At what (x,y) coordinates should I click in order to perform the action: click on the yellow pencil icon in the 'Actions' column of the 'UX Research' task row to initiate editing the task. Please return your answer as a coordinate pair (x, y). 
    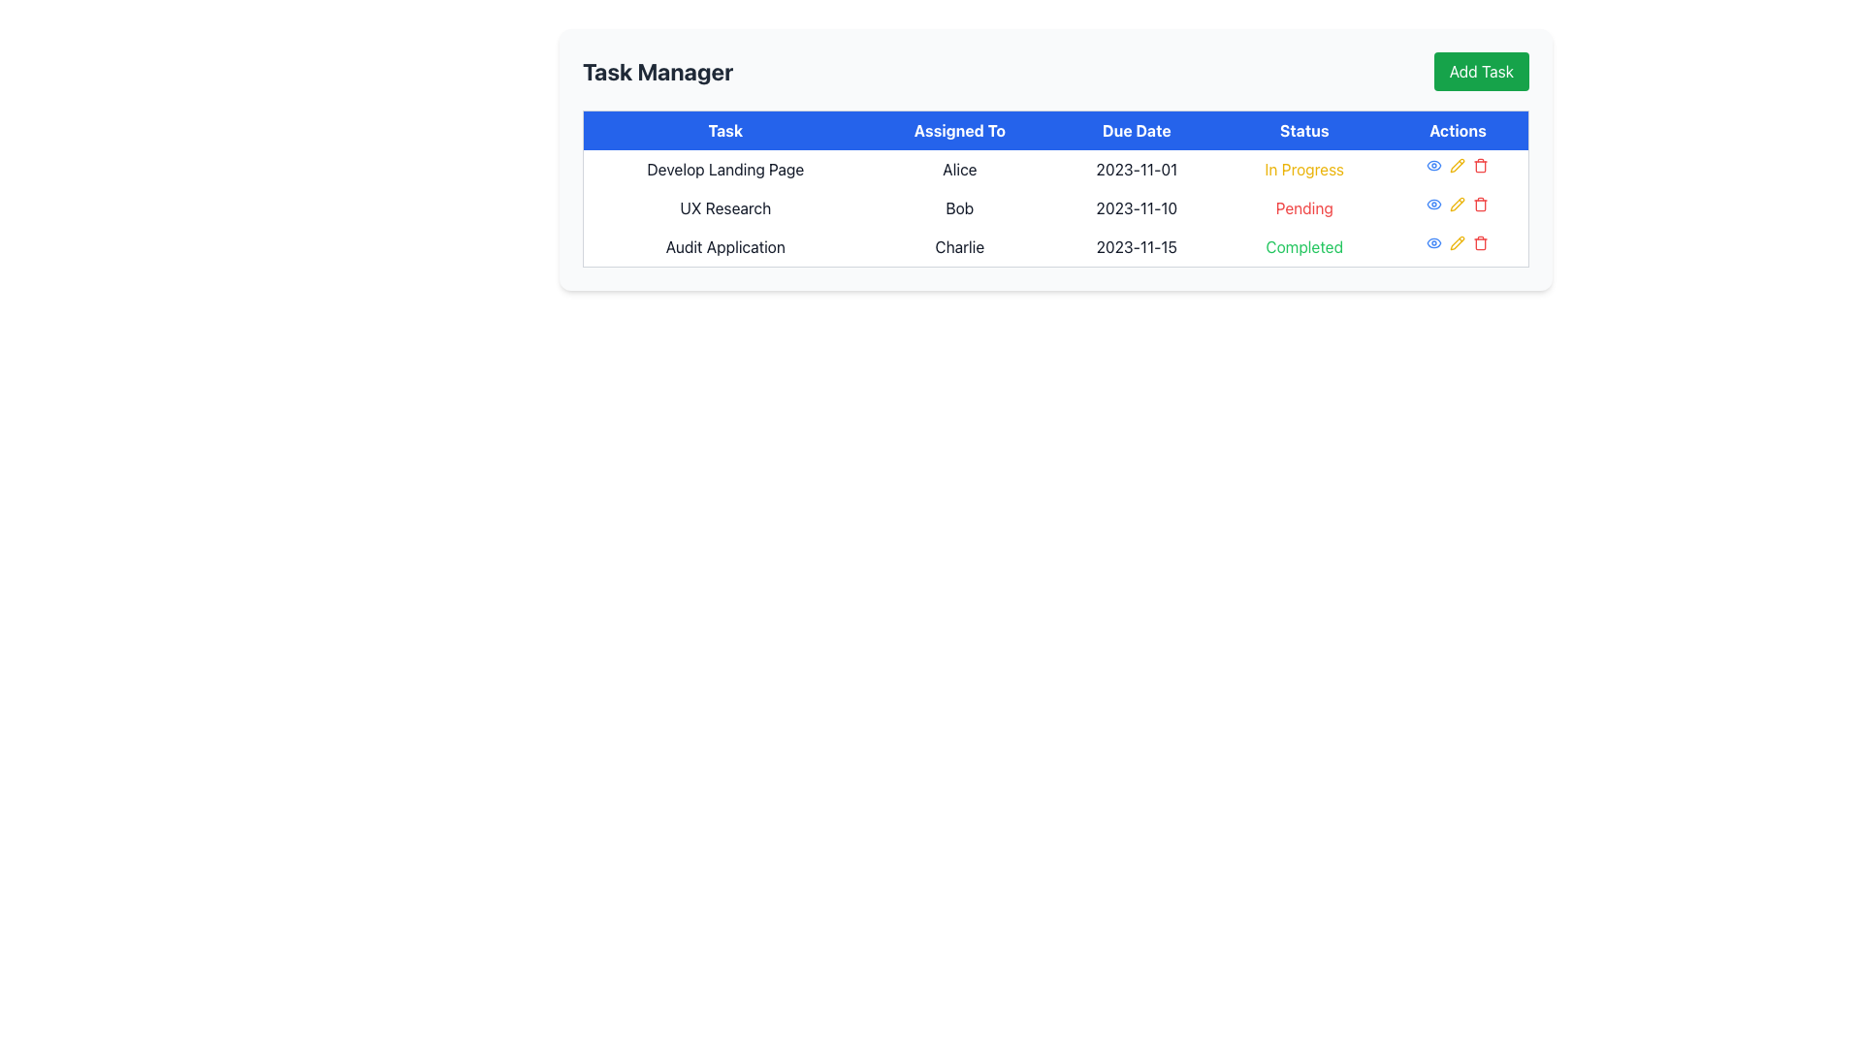
    Looking at the image, I should click on (1458, 205).